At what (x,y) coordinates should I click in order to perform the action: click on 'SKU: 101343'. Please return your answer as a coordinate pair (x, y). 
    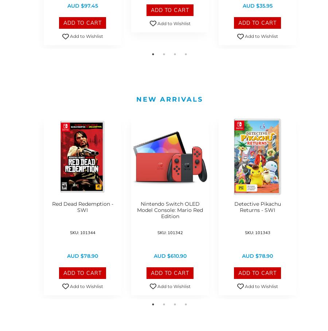
    Looking at the image, I should click on (257, 232).